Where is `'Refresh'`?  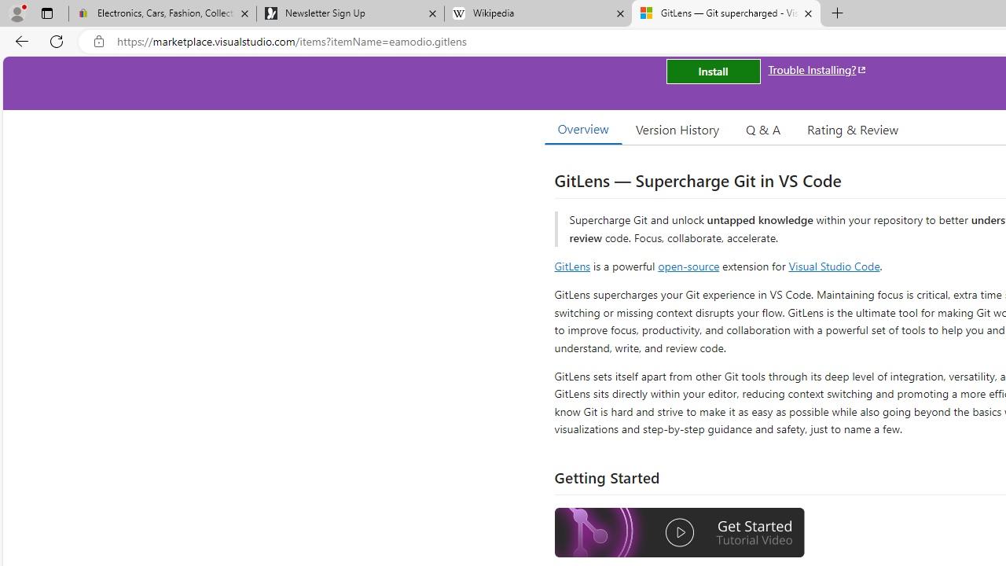
'Refresh' is located at coordinates (57, 40).